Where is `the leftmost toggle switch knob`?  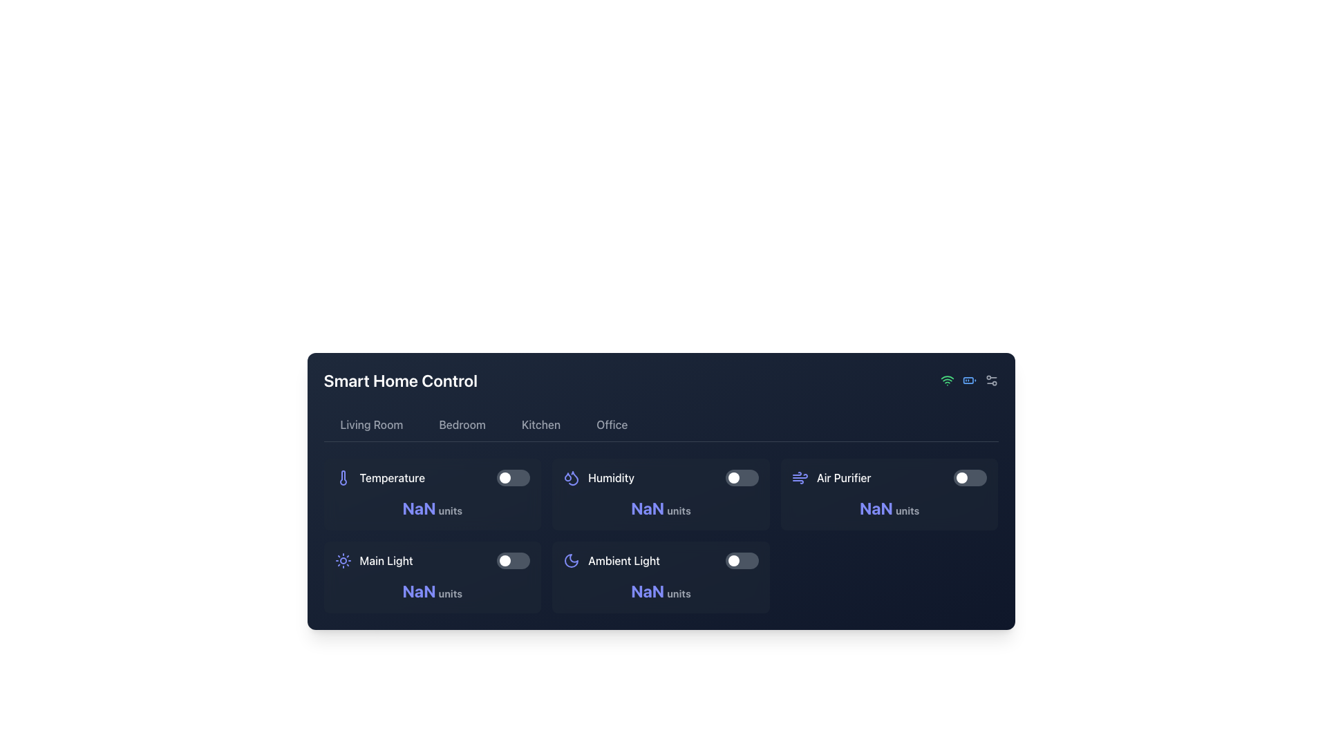 the leftmost toggle switch knob is located at coordinates (505, 477).